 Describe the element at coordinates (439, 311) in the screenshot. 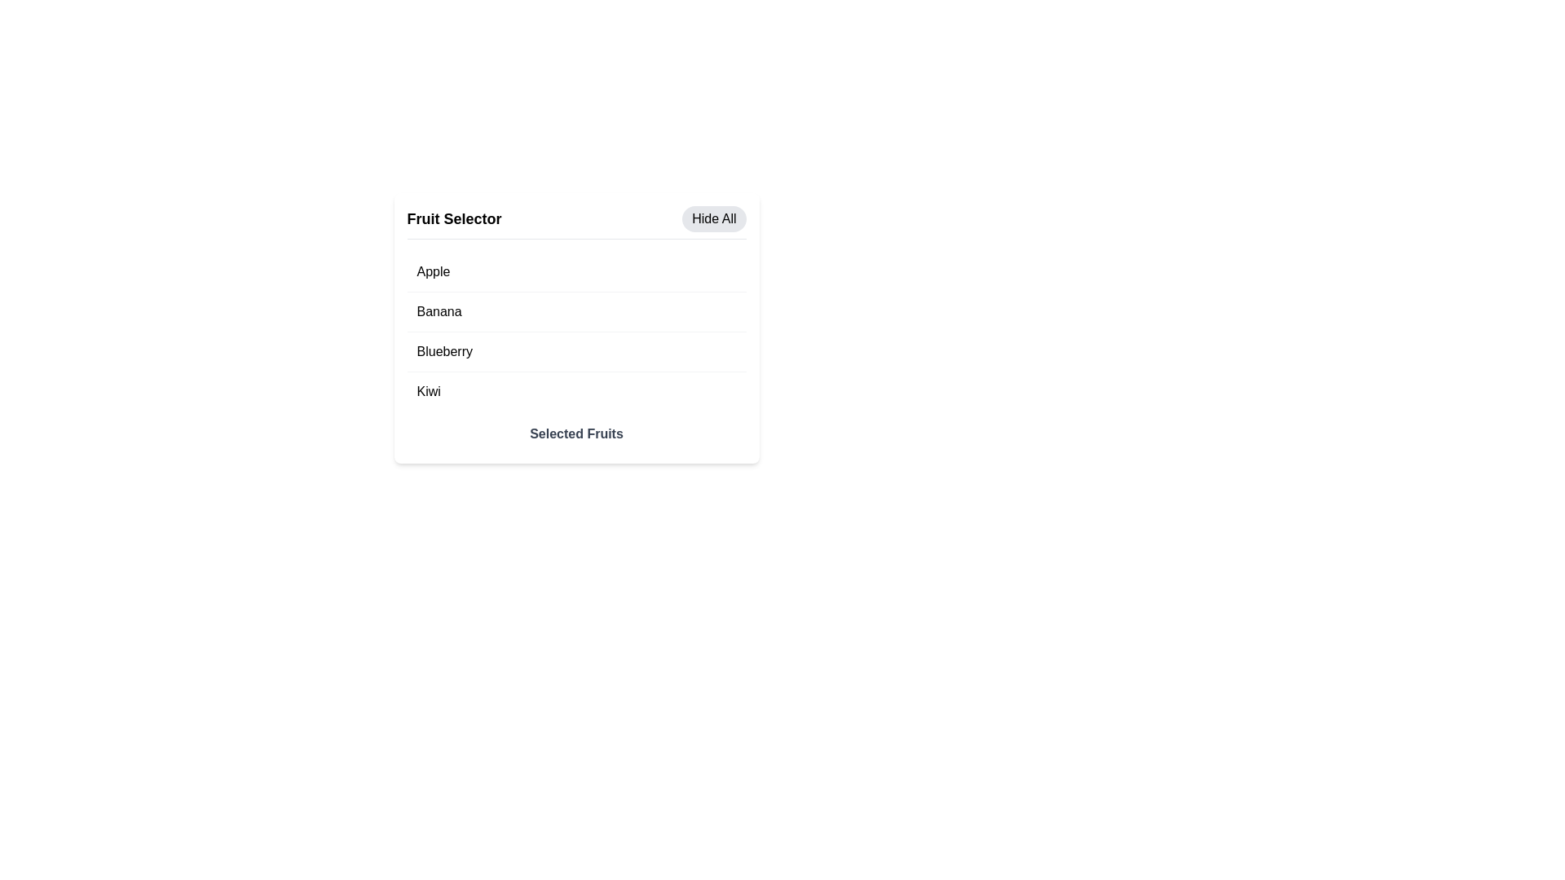

I see `the non-interactive text label located in the second position of a vertical list within the fruit selection menu, between 'Apple' and 'Blueberry'` at that location.